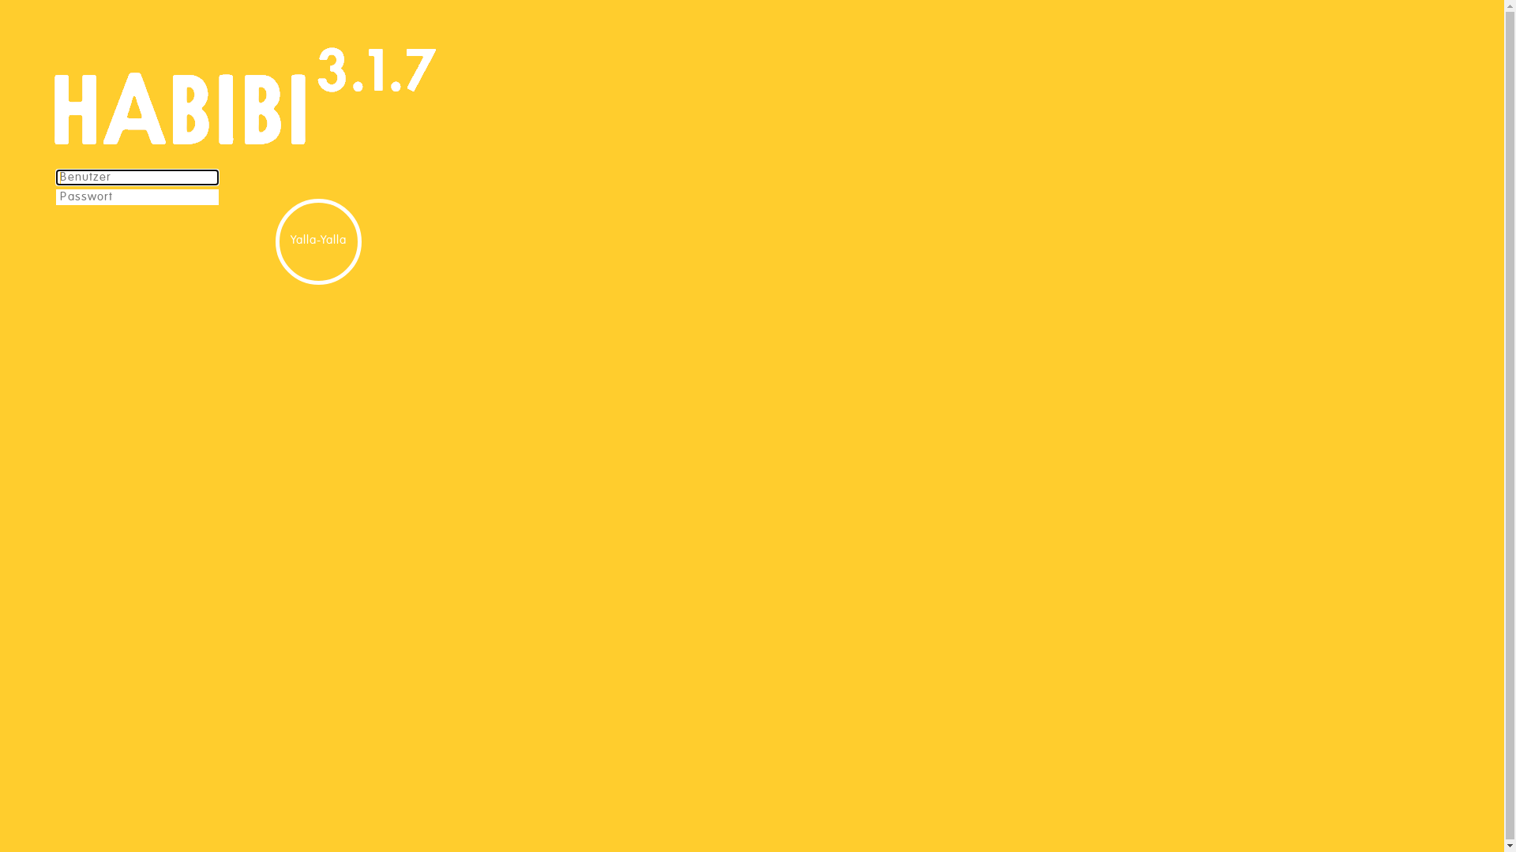 This screenshot has height=852, width=1516. I want to click on 'Habibi', so click(182, 94).